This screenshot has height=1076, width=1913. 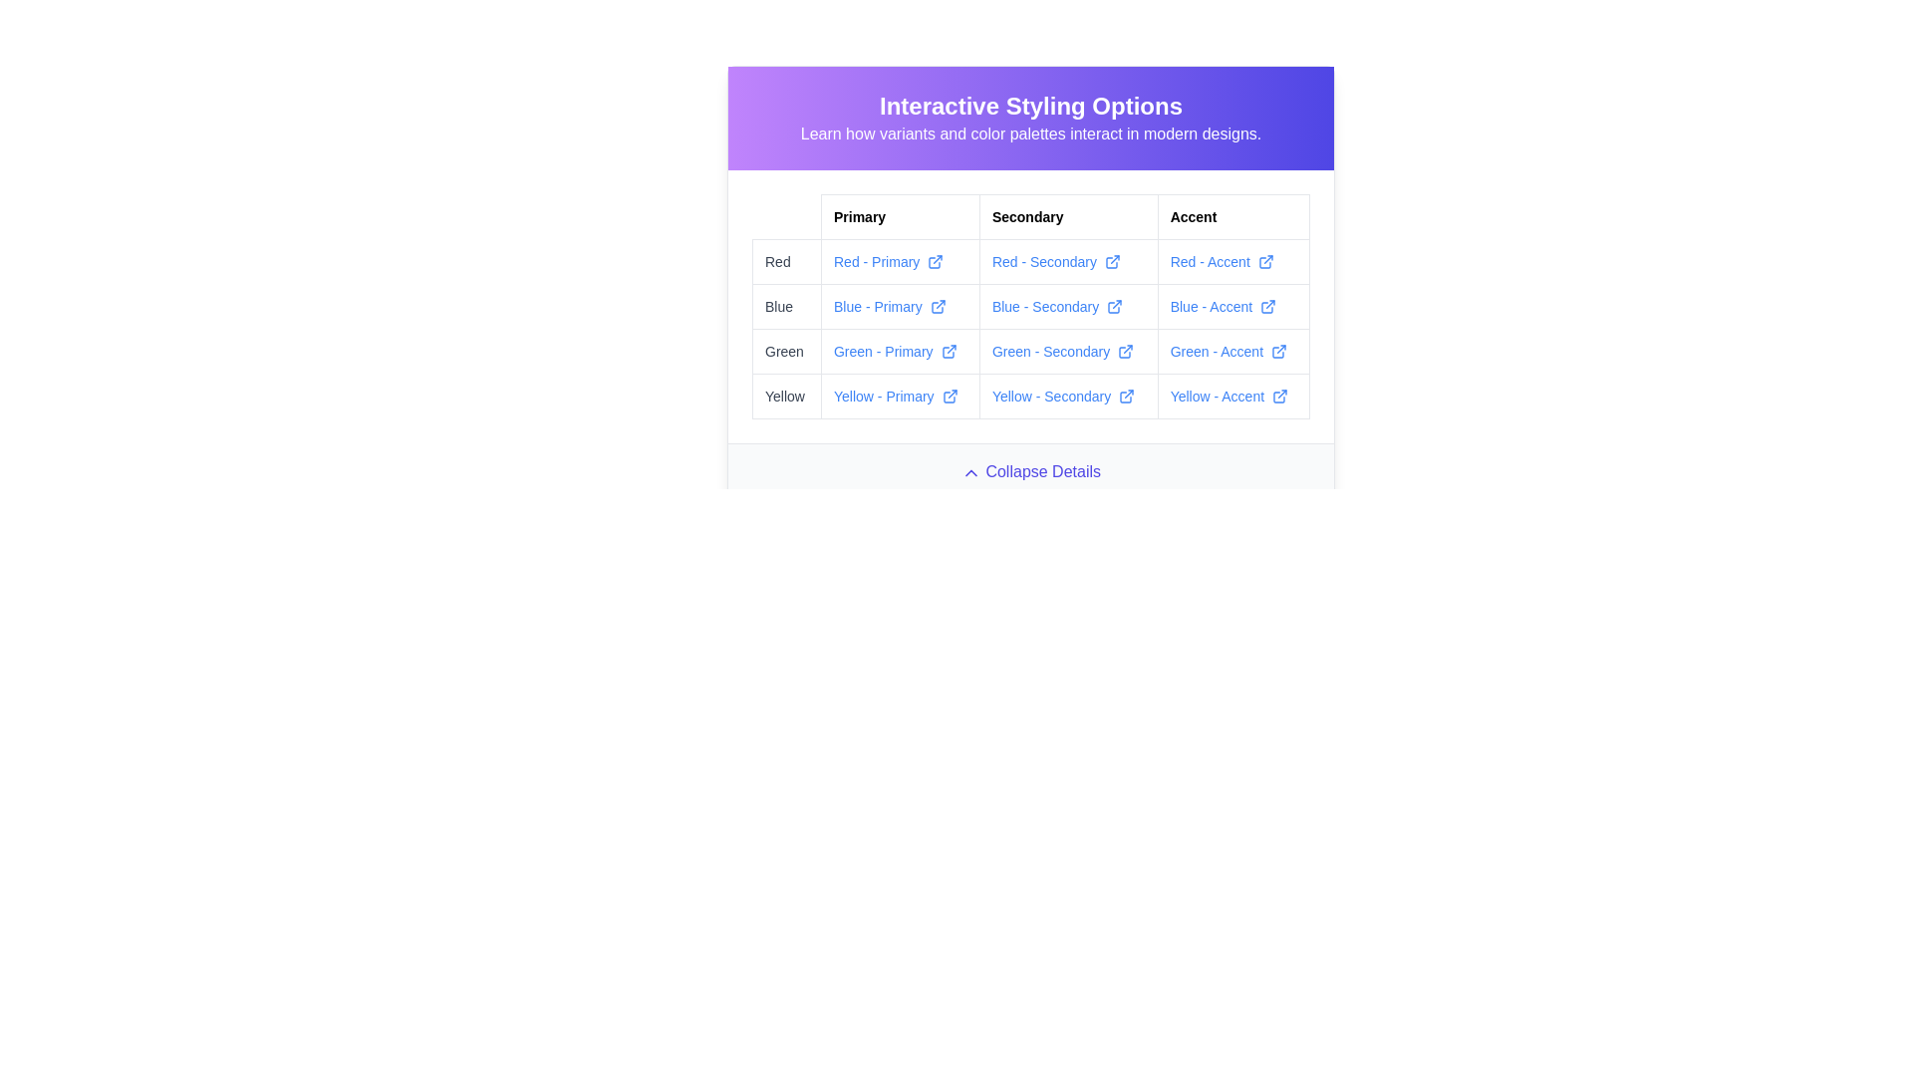 What do you see at coordinates (1228, 396) in the screenshot?
I see `the hyperlink labeled 'Yellow - Accent' located in the bottom-right cell of a table under the 'Accent' column and the 'Yellow' row` at bounding box center [1228, 396].